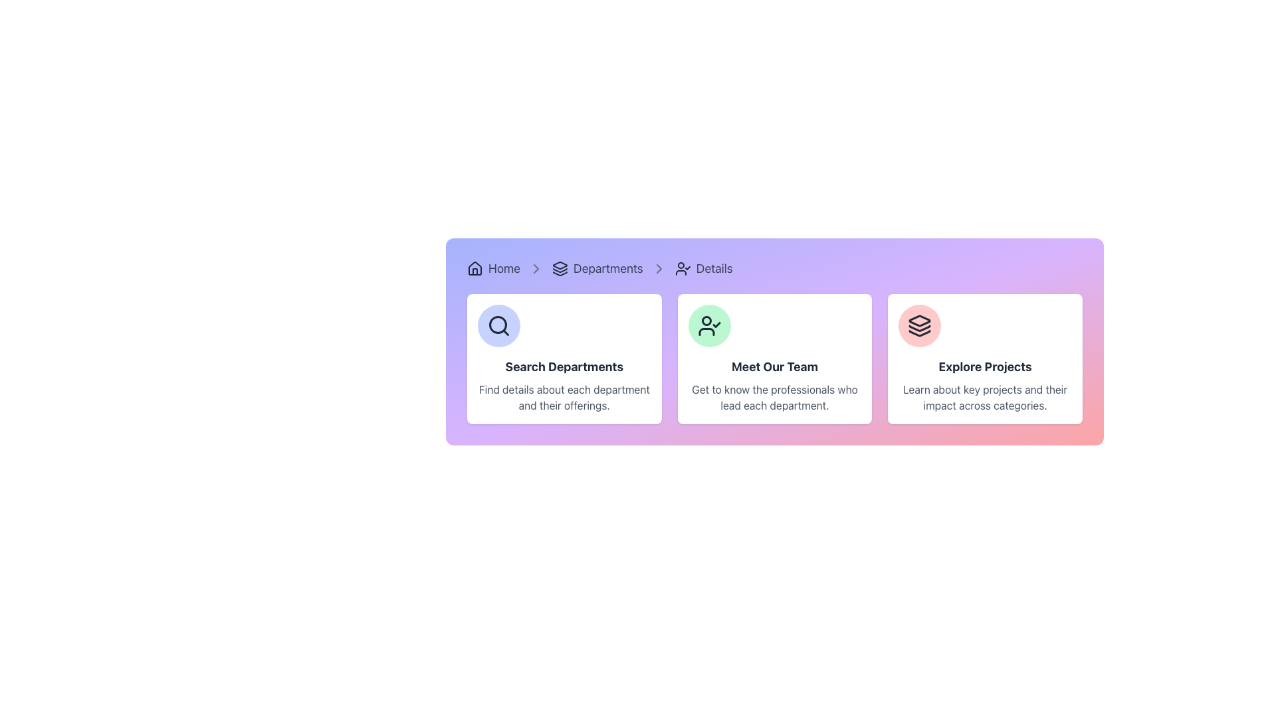  What do you see at coordinates (919, 321) in the screenshot?
I see `the top-most triangular icon in the 'Explore Projects' section, which is part of a group of three stacked triangular shapes in the third card of the main navigation panel` at bounding box center [919, 321].